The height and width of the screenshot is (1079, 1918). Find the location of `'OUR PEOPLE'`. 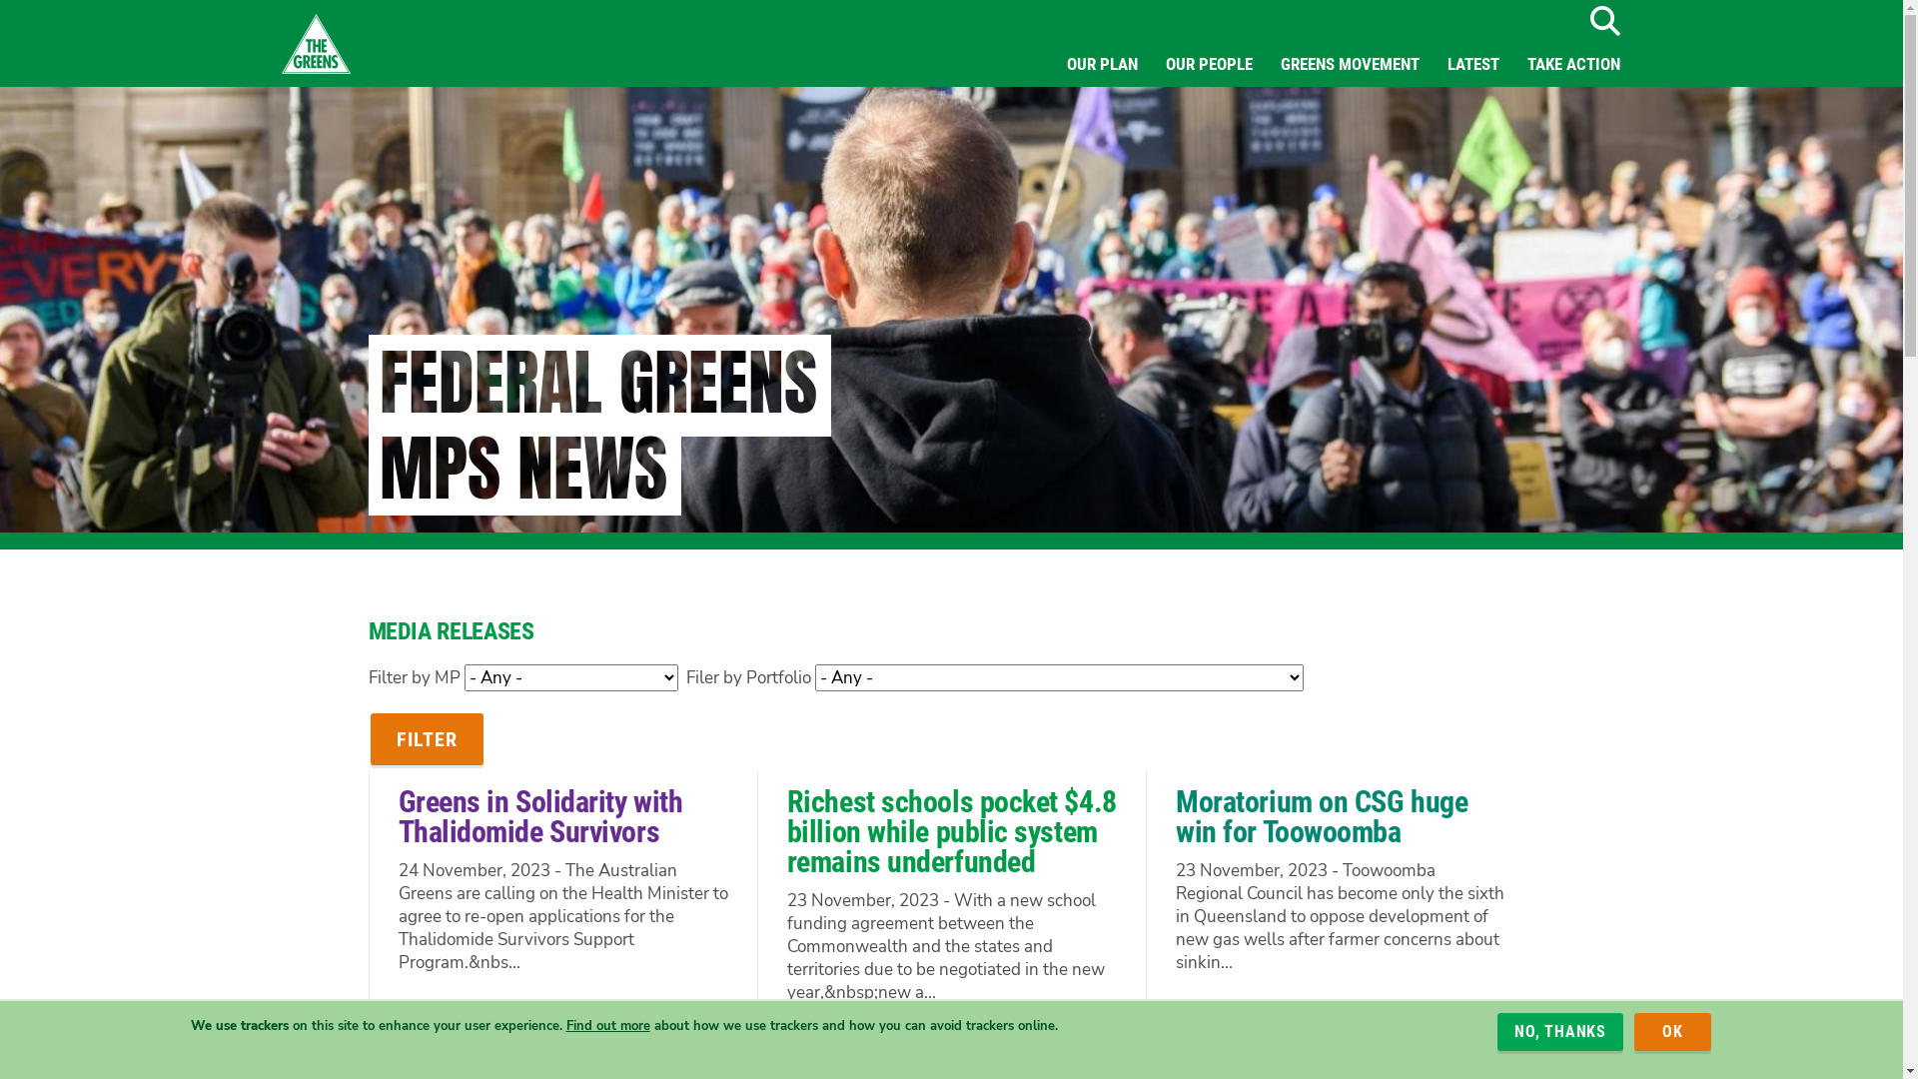

'OUR PEOPLE' is located at coordinates (1207, 63).